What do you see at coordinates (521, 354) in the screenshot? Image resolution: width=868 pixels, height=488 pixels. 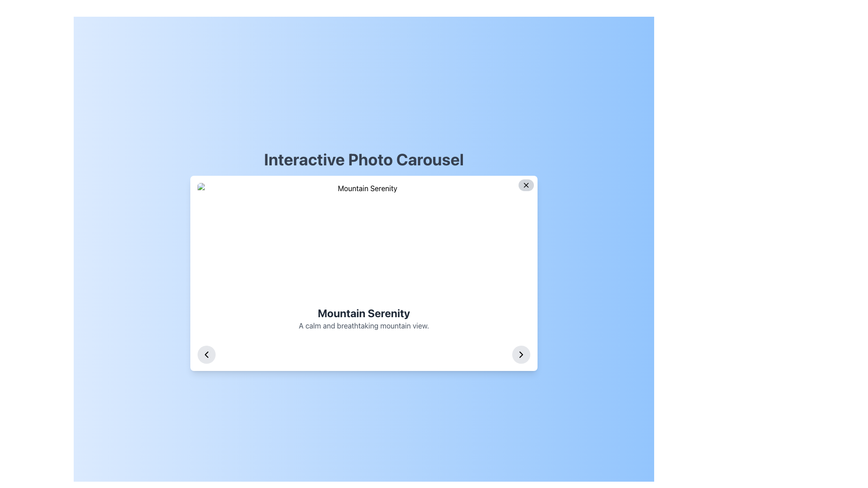 I see `the right-facing chevron icon at the bottom-right corner of the Interactive Photo Carousel` at bounding box center [521, 354].